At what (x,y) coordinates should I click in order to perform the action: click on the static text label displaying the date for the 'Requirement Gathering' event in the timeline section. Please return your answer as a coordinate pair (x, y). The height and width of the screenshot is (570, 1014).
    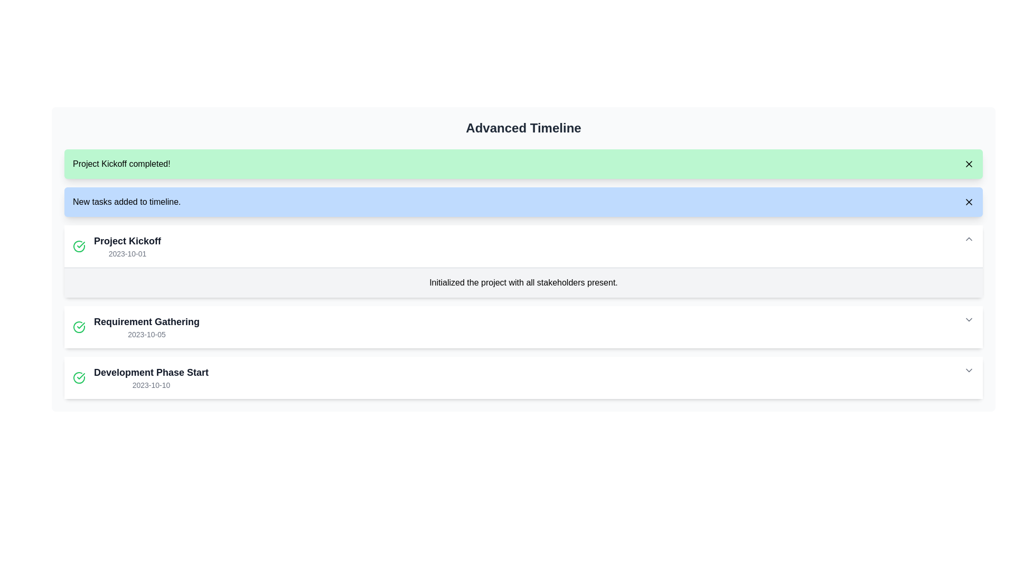
    Looking at the image, I should click on (146, 334).